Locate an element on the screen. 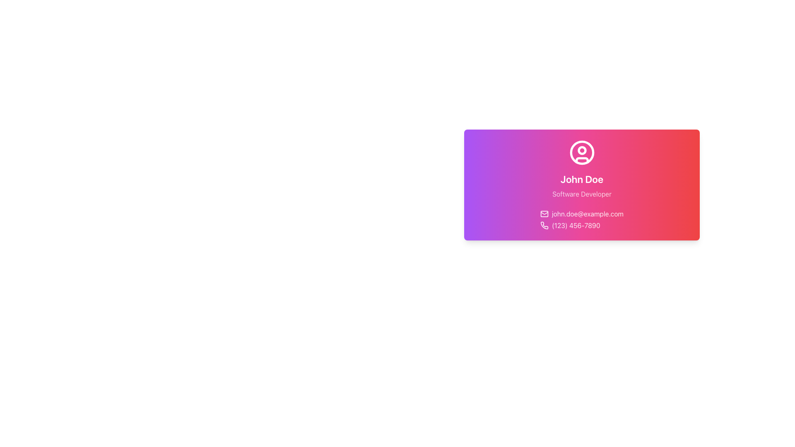 This screenshot has height=447, width=795. the profile picture icon located at the top-center of the card, positioned above the text 'John Doe' and 'Software Developer' is located at coordinates (581, 153).